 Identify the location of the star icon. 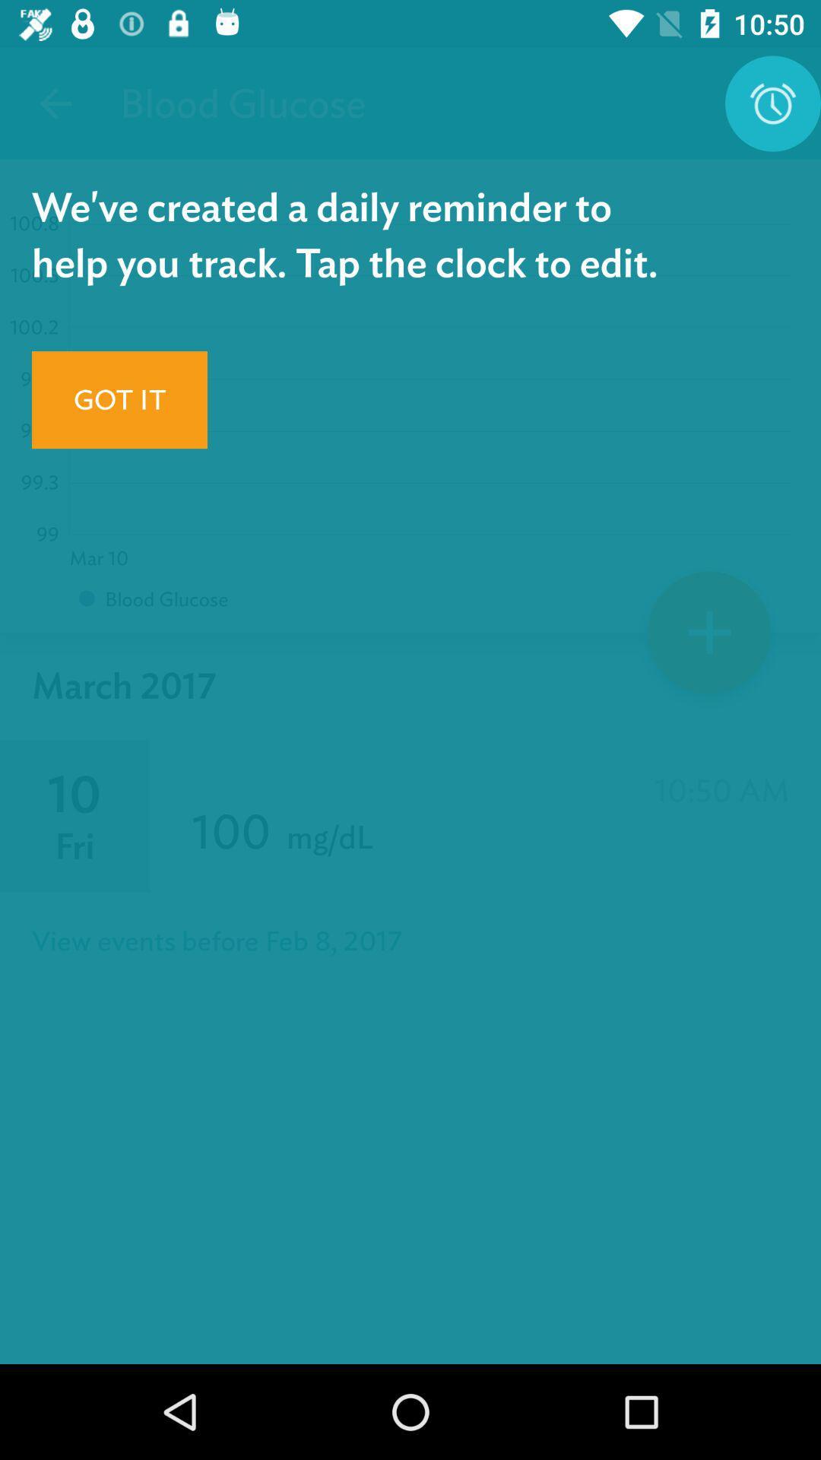
(709, 638).